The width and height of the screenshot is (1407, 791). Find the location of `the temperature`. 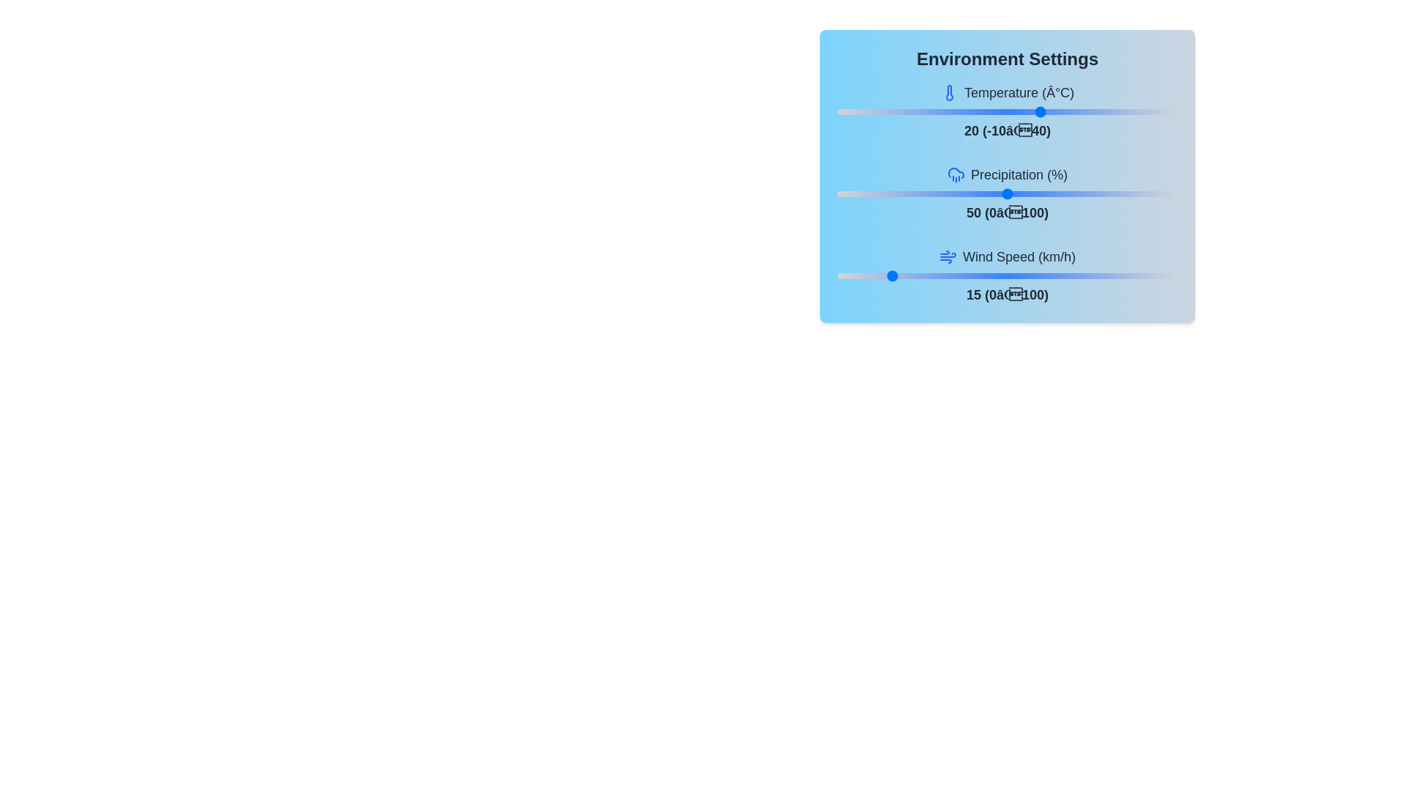

the temperature is located at coordinates (939, 111).